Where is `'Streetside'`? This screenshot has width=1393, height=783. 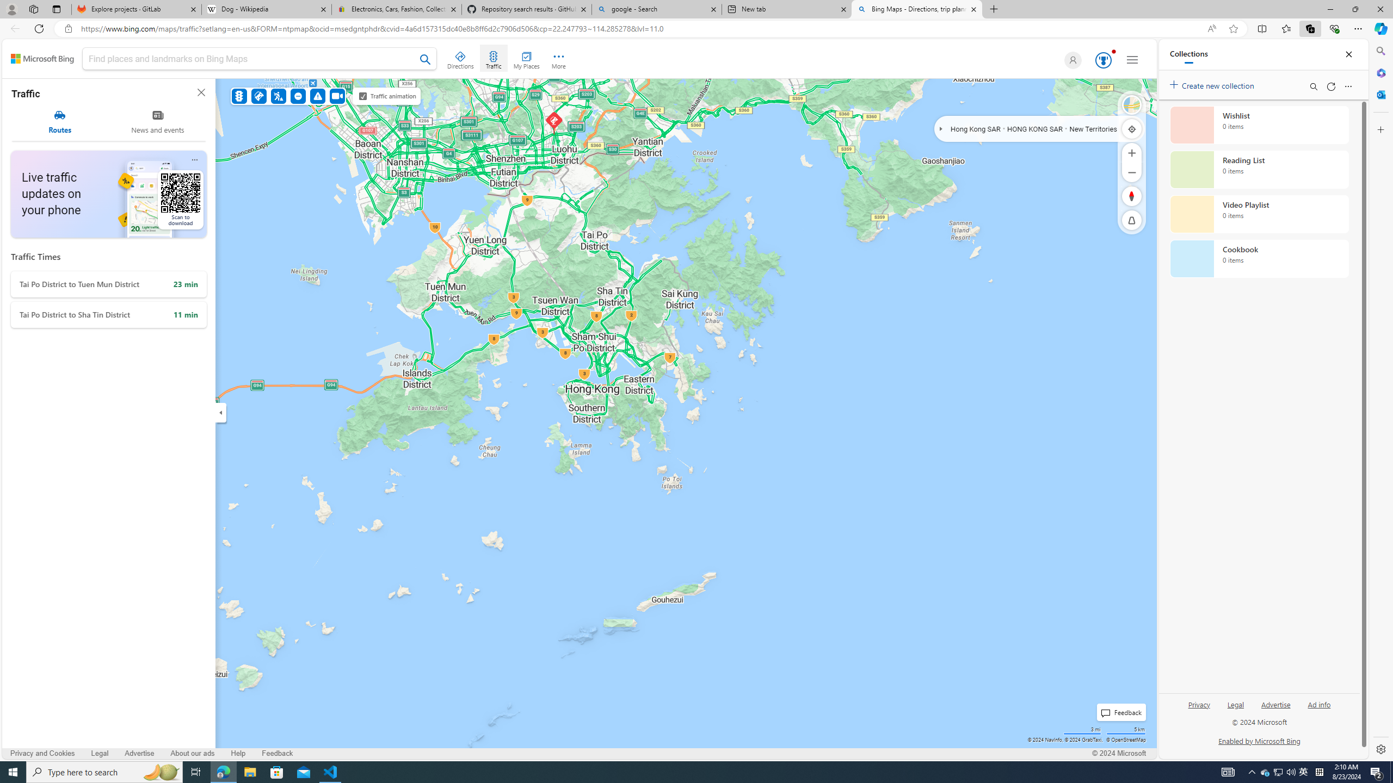 'Streetside' is located at coordinates (1131, 104).